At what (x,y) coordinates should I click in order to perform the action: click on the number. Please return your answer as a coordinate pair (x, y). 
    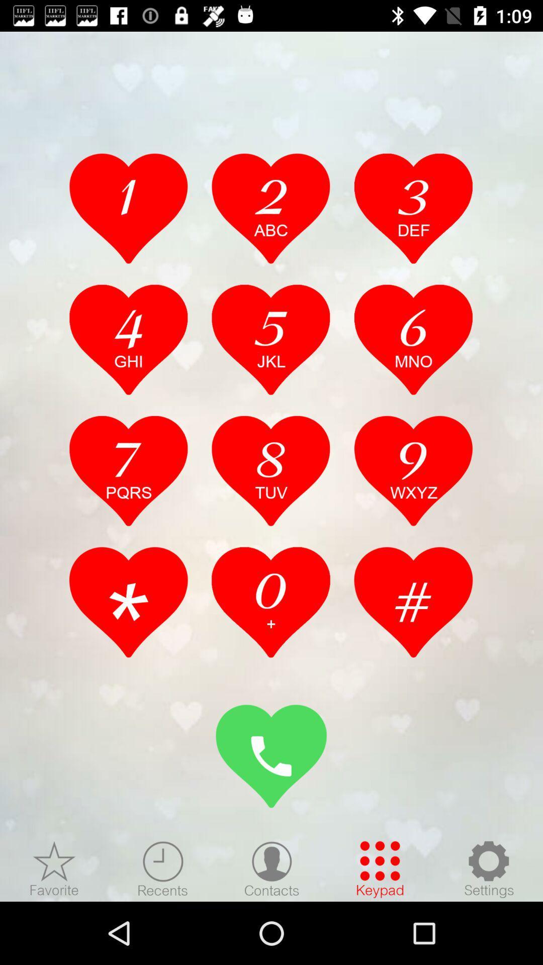
    Looking at the image, I should click on (128, 208).